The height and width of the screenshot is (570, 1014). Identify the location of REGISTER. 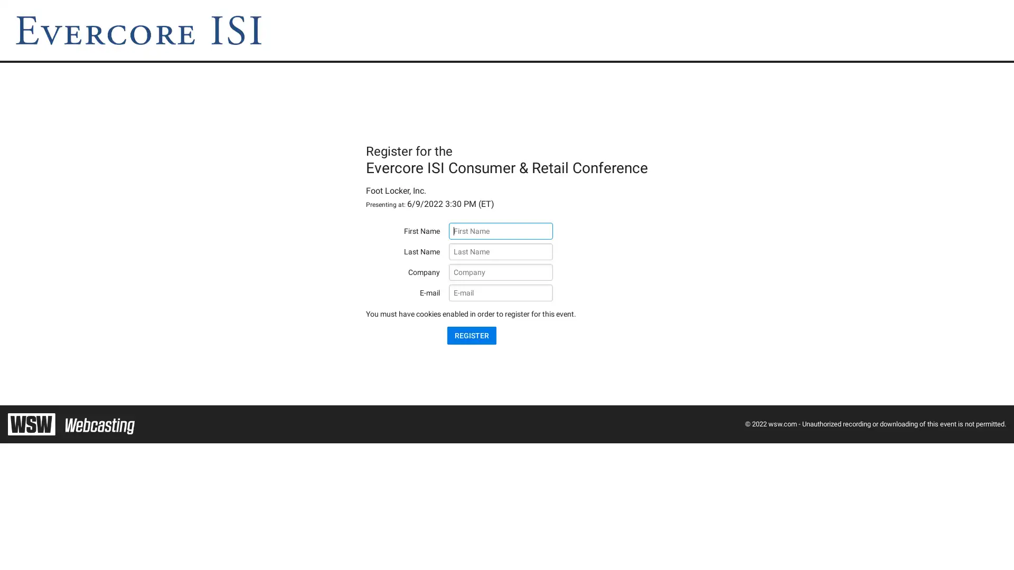
(471, 335).